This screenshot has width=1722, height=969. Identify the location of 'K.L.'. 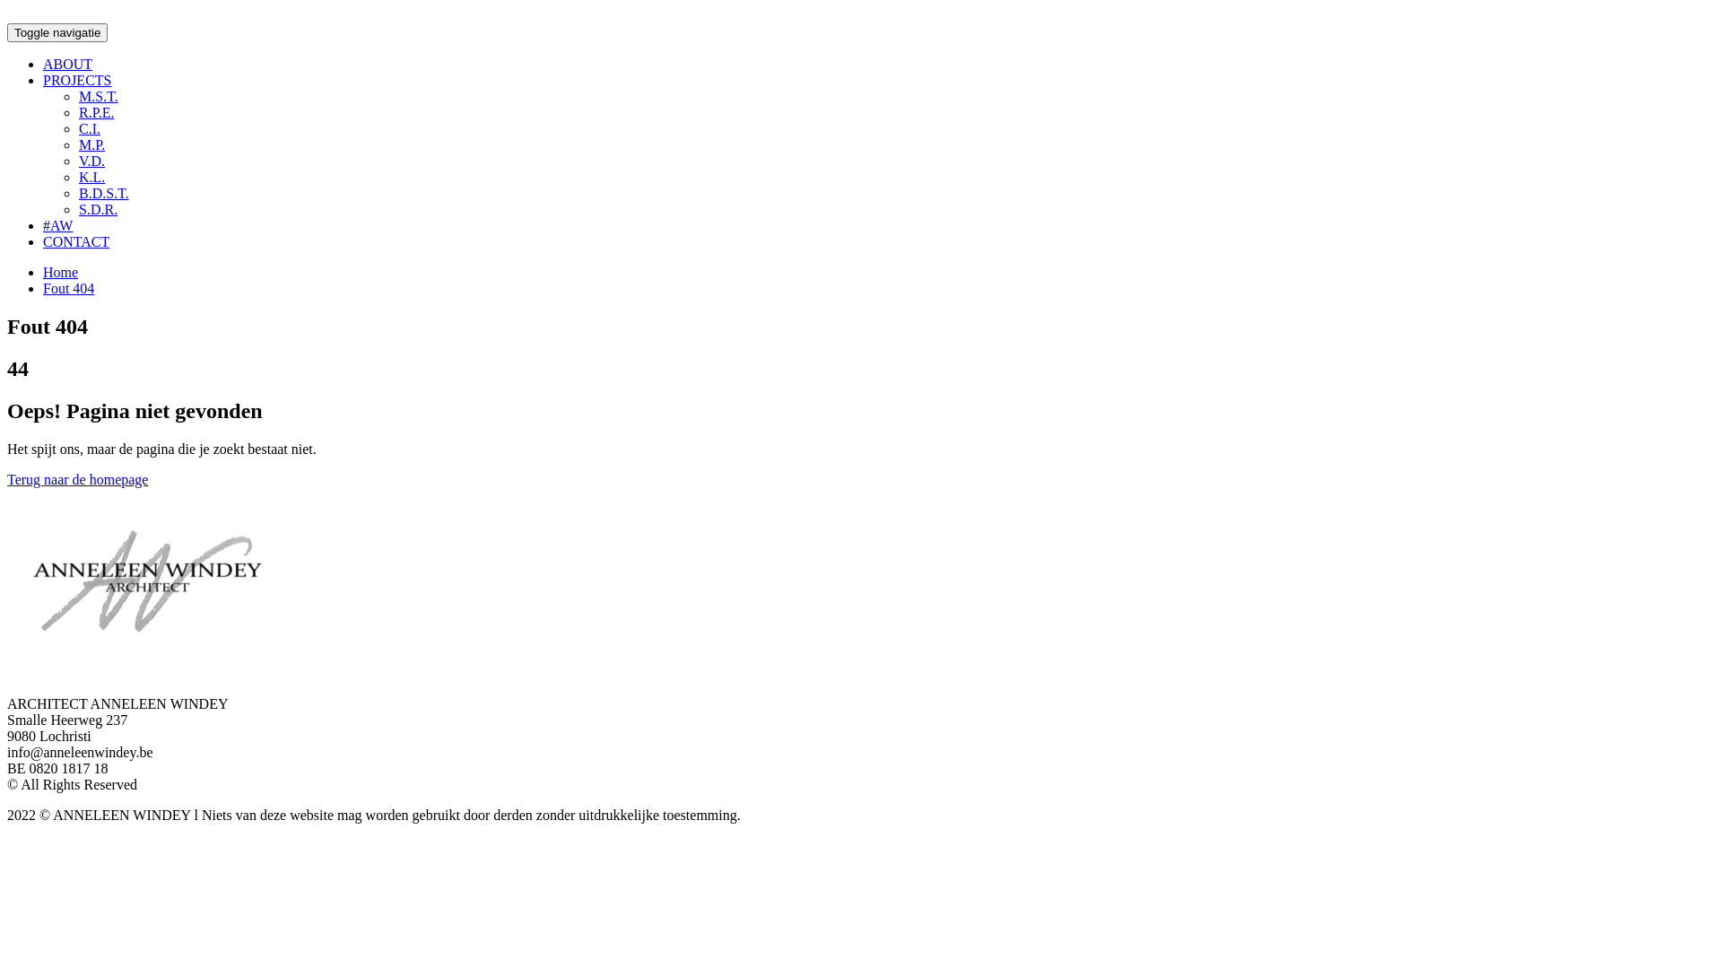
(91, 177).